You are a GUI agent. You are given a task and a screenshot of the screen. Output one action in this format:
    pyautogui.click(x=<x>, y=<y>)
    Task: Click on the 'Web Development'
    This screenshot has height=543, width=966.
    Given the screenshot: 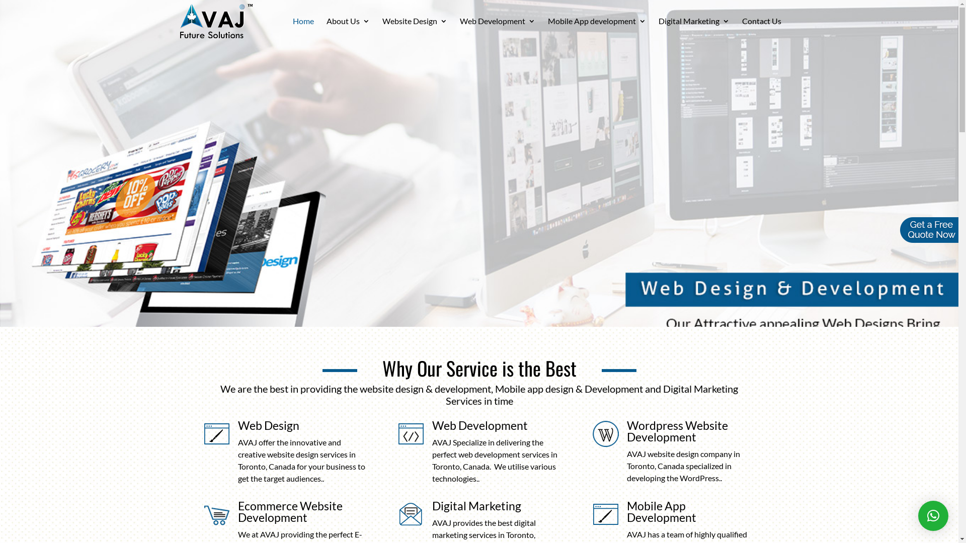 What is the action you would take?
    pyautogui.click(x=497, y=29)
    